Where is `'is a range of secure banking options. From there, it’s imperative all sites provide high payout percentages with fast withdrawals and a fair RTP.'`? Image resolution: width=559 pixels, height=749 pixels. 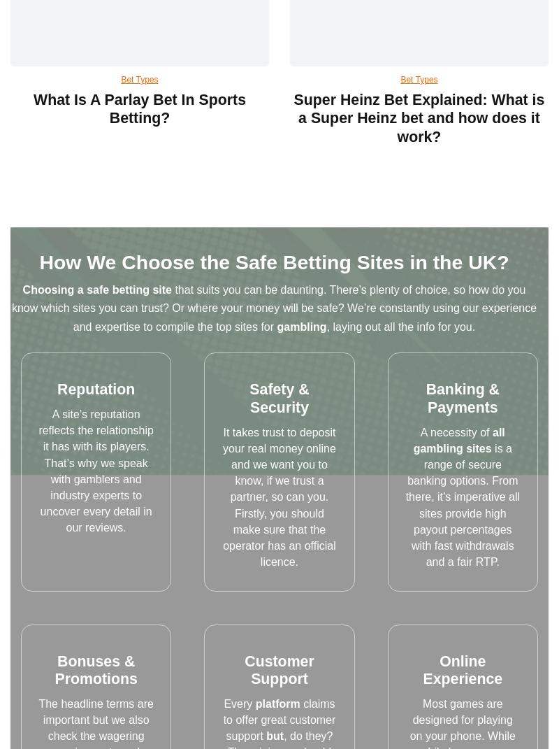
'is a range of secure banking options. From there, it’s imperative all sites provide high payout percentages with fast withdrawals and a fair RTP.' is located at coordinates (461, 504).